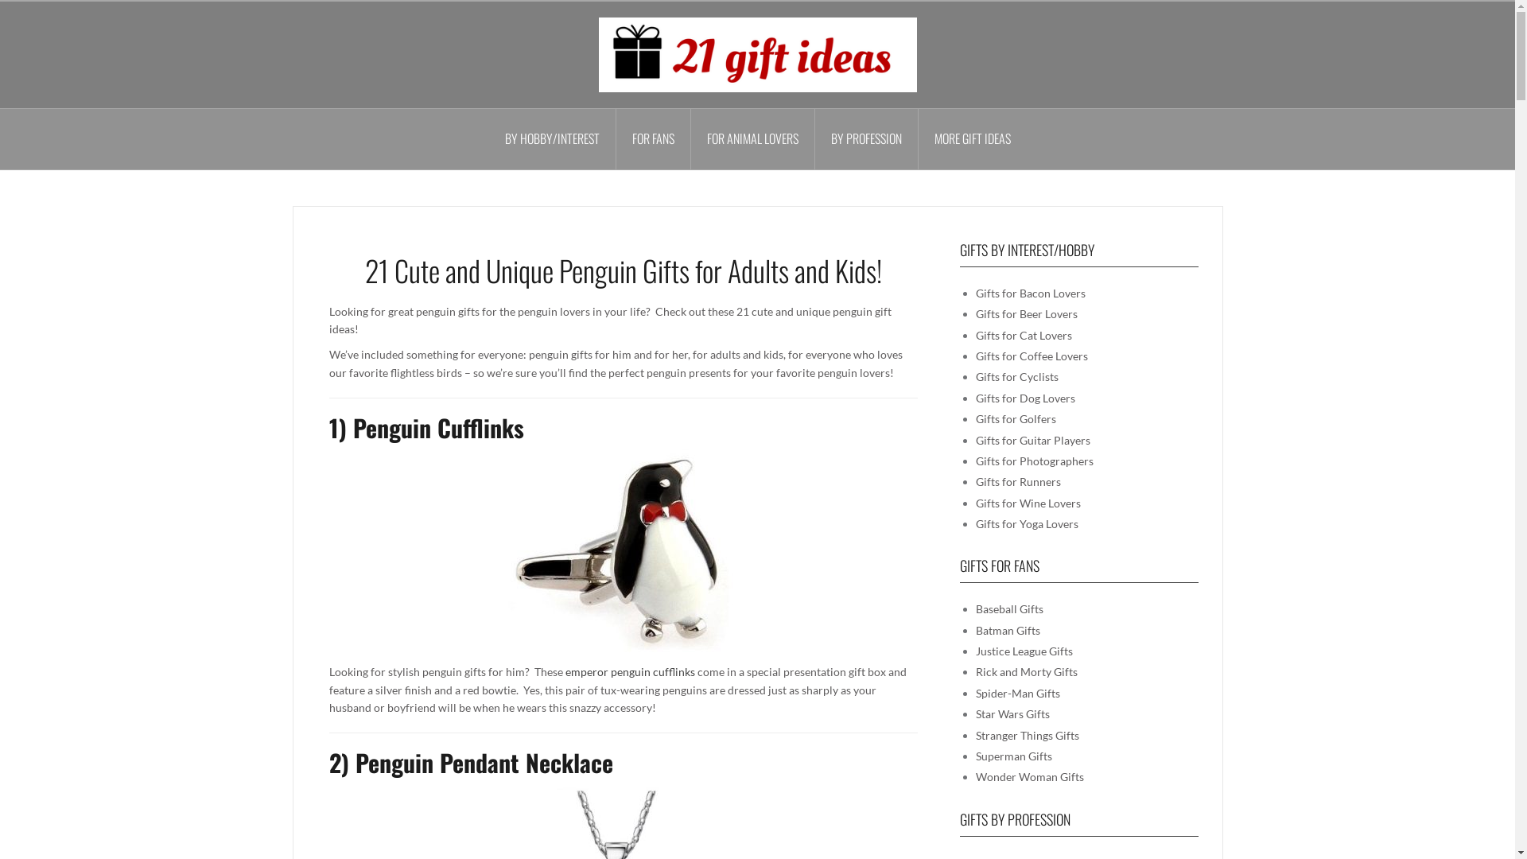 Image resolution: width=1527 pixels, height=859 pixels. What do you see at coordinates (865, 138) in the screenshot?
I see `'BY PROFESSION'` at bounding box center [865, 138].